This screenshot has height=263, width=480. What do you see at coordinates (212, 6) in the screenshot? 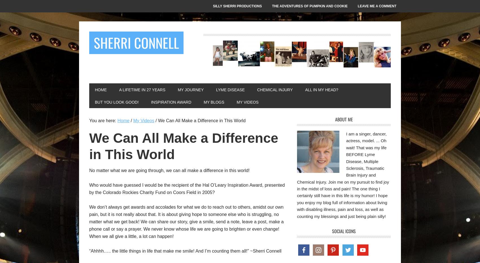
I see `'Silly Sherri Productions'` at bounding box center [212, 6].